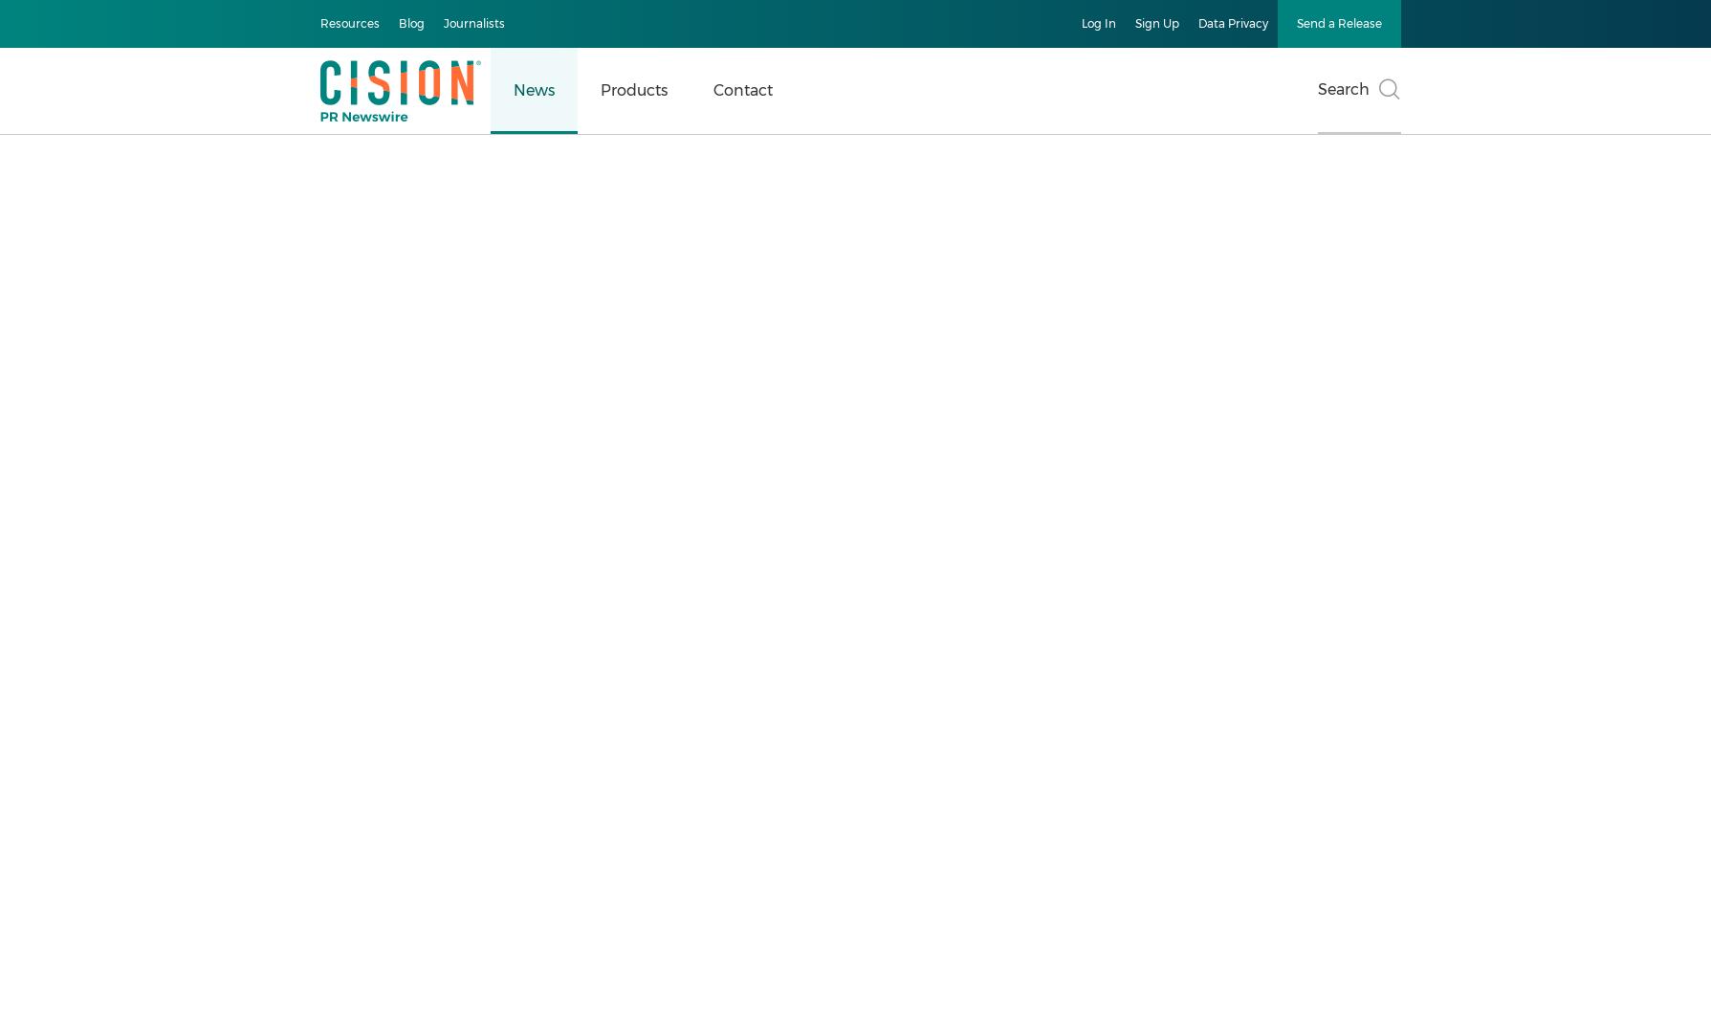 Image resolution: width=1711 pixels, height=1022 pixels. Describe the element at coordinates (139, 392) in the screenshot. I see `'Multimedia Gallery'` at that location.